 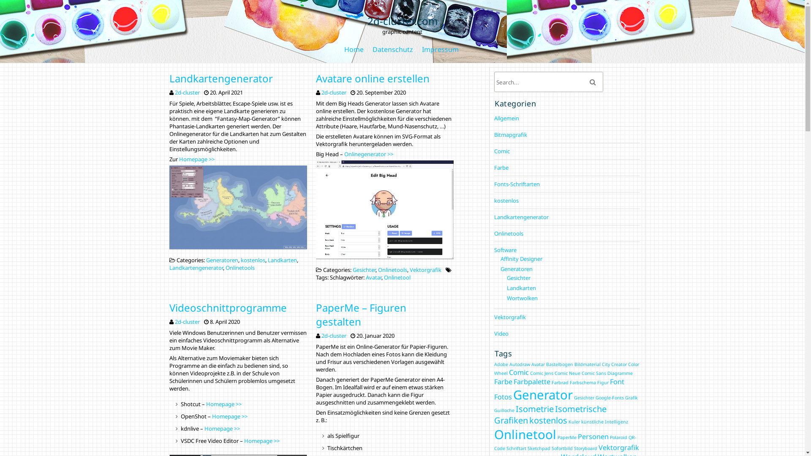 What do you see at coordinates (574, 422) in the screenshot?
I see `'Kuler'` at bounding box center [574, 422].